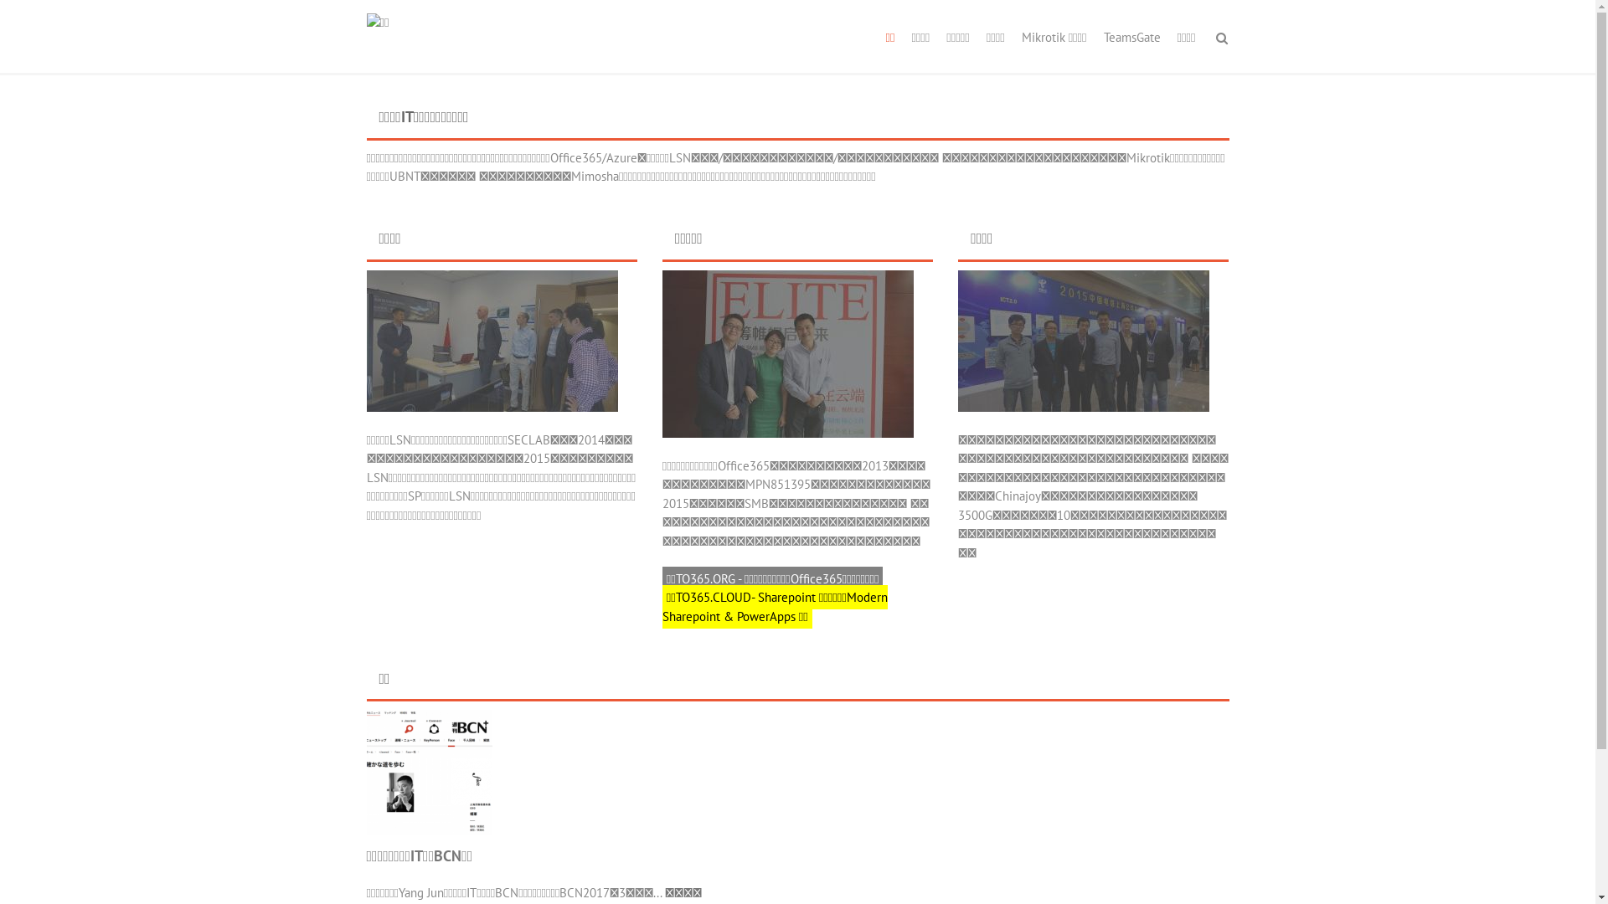 Image resolution: width=1608 pixels, height=904 pixels. I want to click on 'TeamsGate', so click(1132, 38).